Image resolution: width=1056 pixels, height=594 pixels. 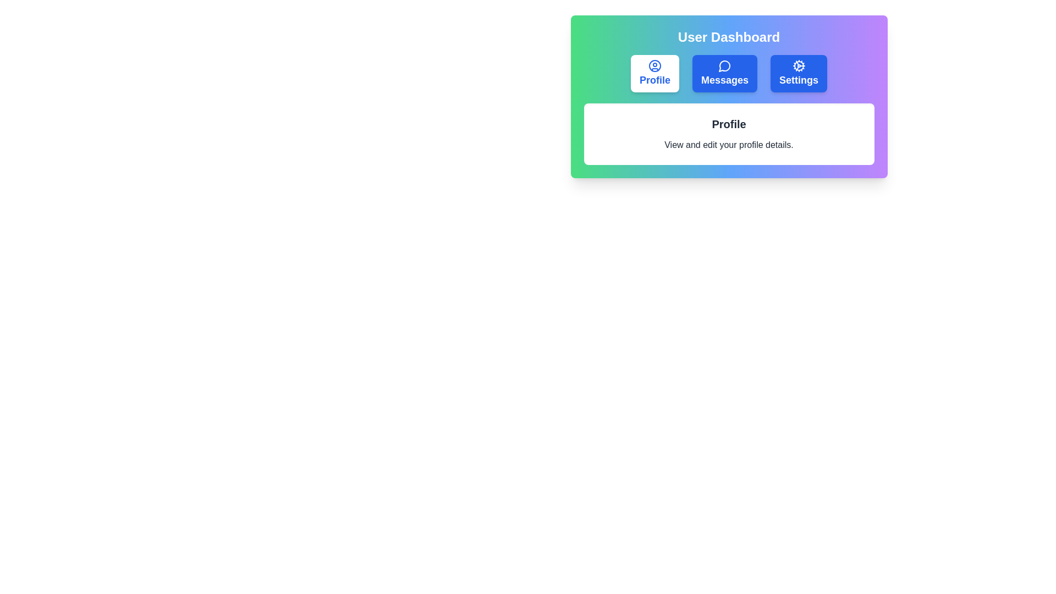 I want to click on the profile navigational element, which includes a user avatar icon and the text 'Profile' in bold blue font, positioned in the upper-left section of the user dashboard, so click(x=654, y=74).